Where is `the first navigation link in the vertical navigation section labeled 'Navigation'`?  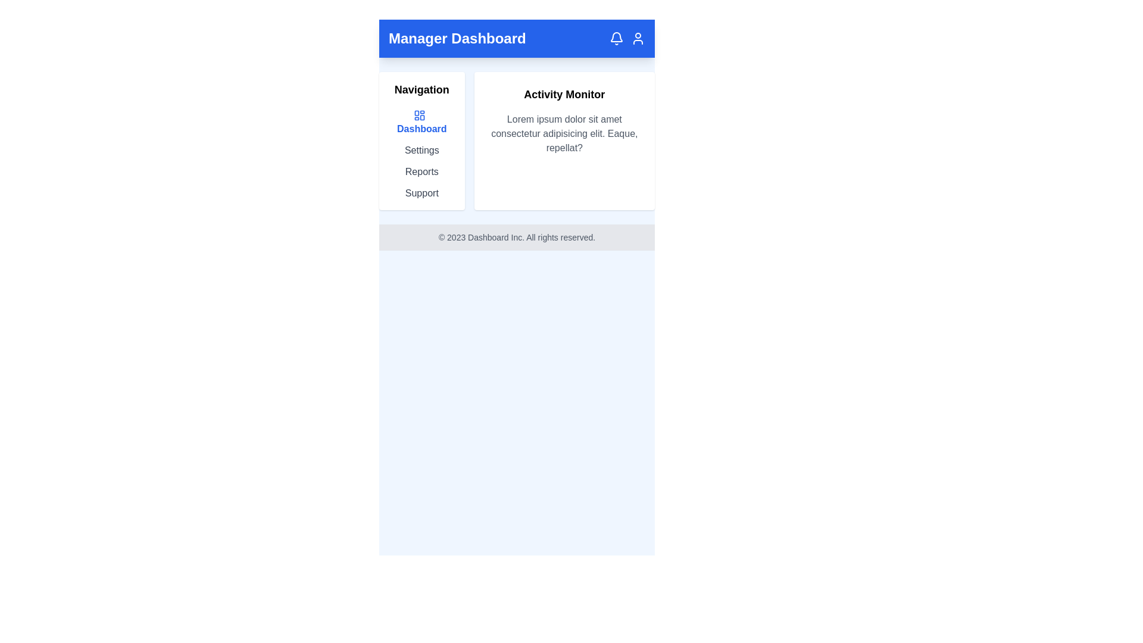 the first navigation link in the vertical navigation section labeled 'Navigation' is located at coordinates (421, 121).